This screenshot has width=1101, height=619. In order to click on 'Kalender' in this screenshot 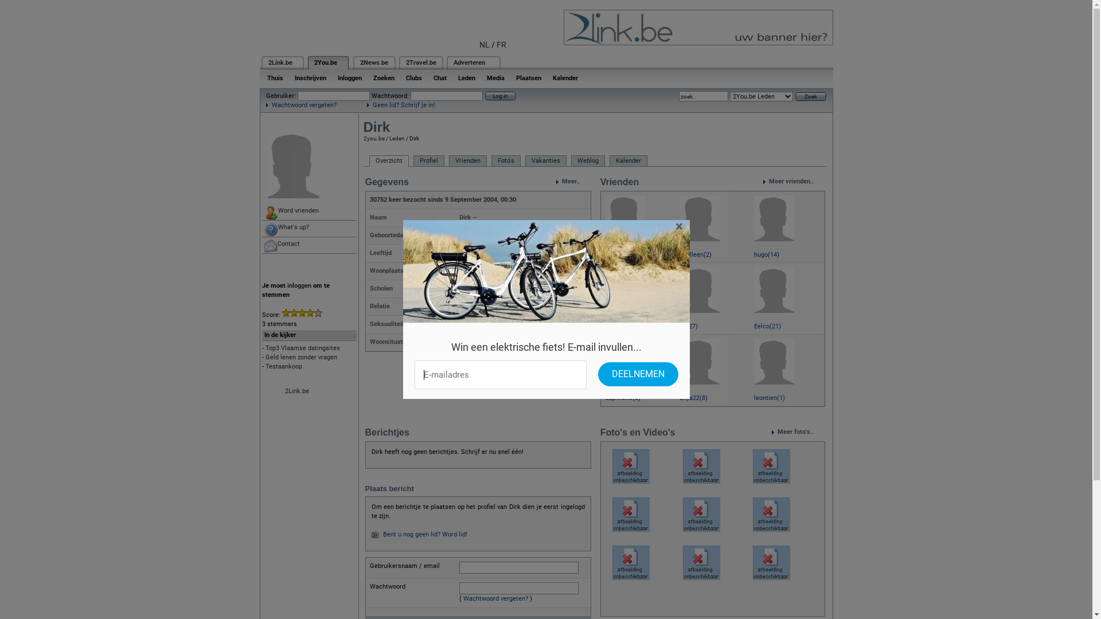, I will do `click(565, 77)`.